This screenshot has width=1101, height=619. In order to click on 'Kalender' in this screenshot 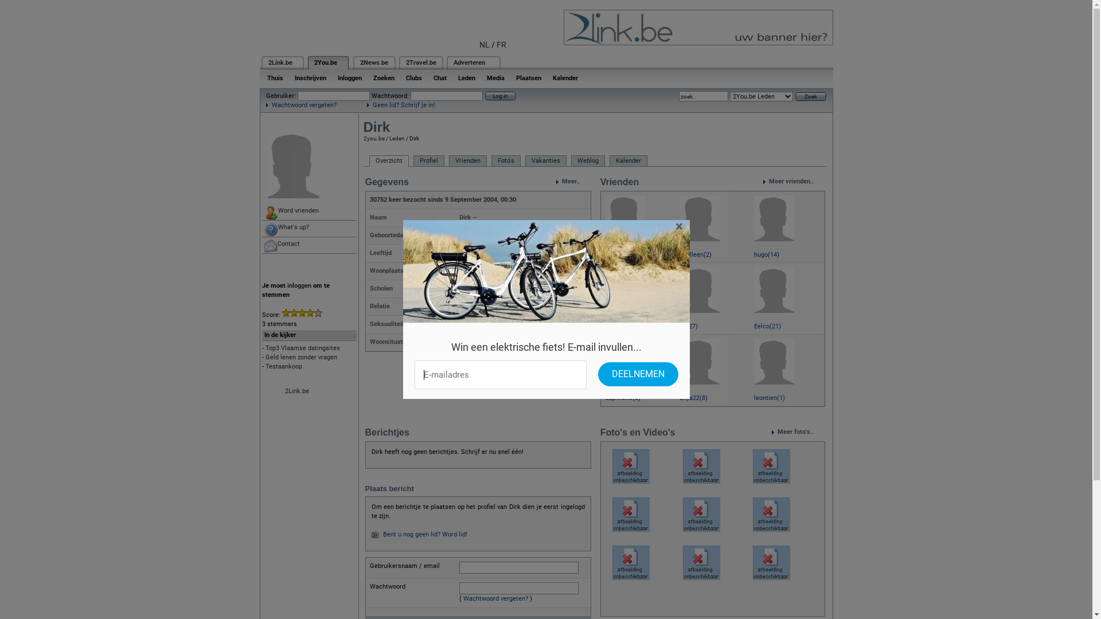, I will do `click(565, 77)`.